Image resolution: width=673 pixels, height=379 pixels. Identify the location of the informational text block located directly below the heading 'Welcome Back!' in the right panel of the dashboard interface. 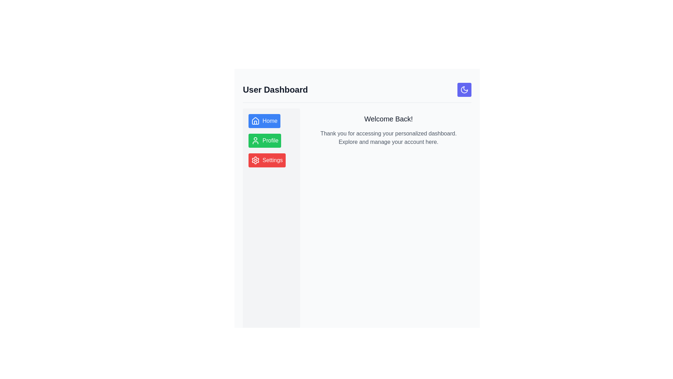
(388, 138).